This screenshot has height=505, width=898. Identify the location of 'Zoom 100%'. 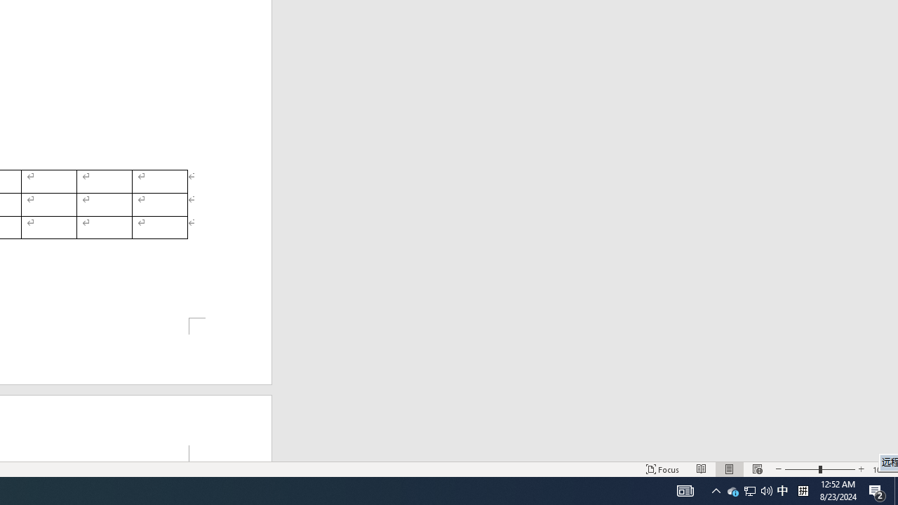
(882, 469).